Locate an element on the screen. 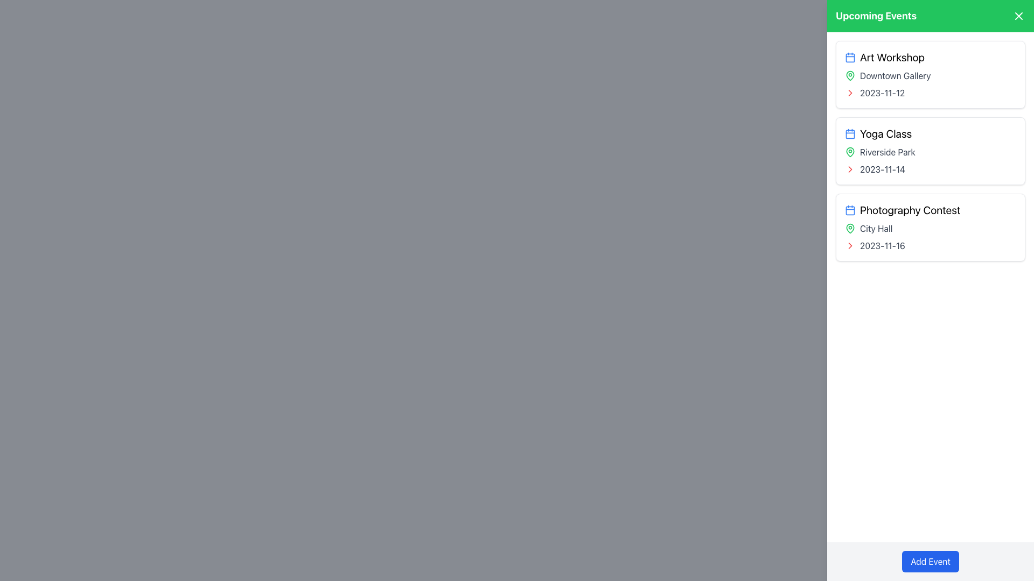 This screenshot has height=581, width=1034. the blue outlined calendar icon located at the beginning of the 'Yoga Class' event listing within the 'Upcoming Events' sidebar is located at coordinates (850, 133).